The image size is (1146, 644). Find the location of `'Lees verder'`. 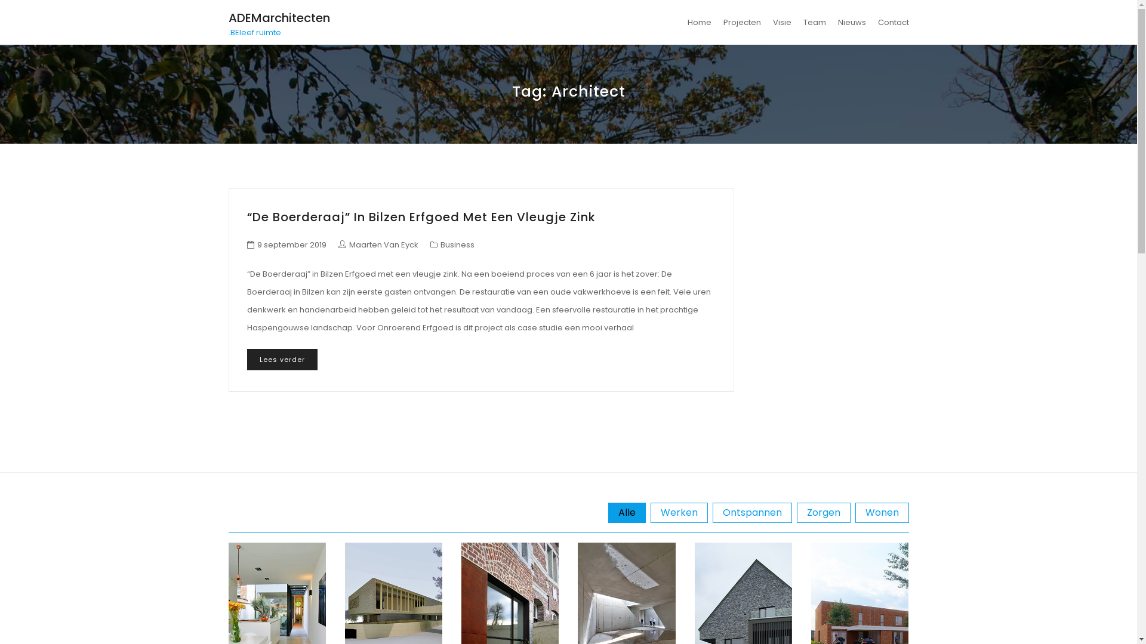

'Lees verder' is located at coordinates (246, 358).